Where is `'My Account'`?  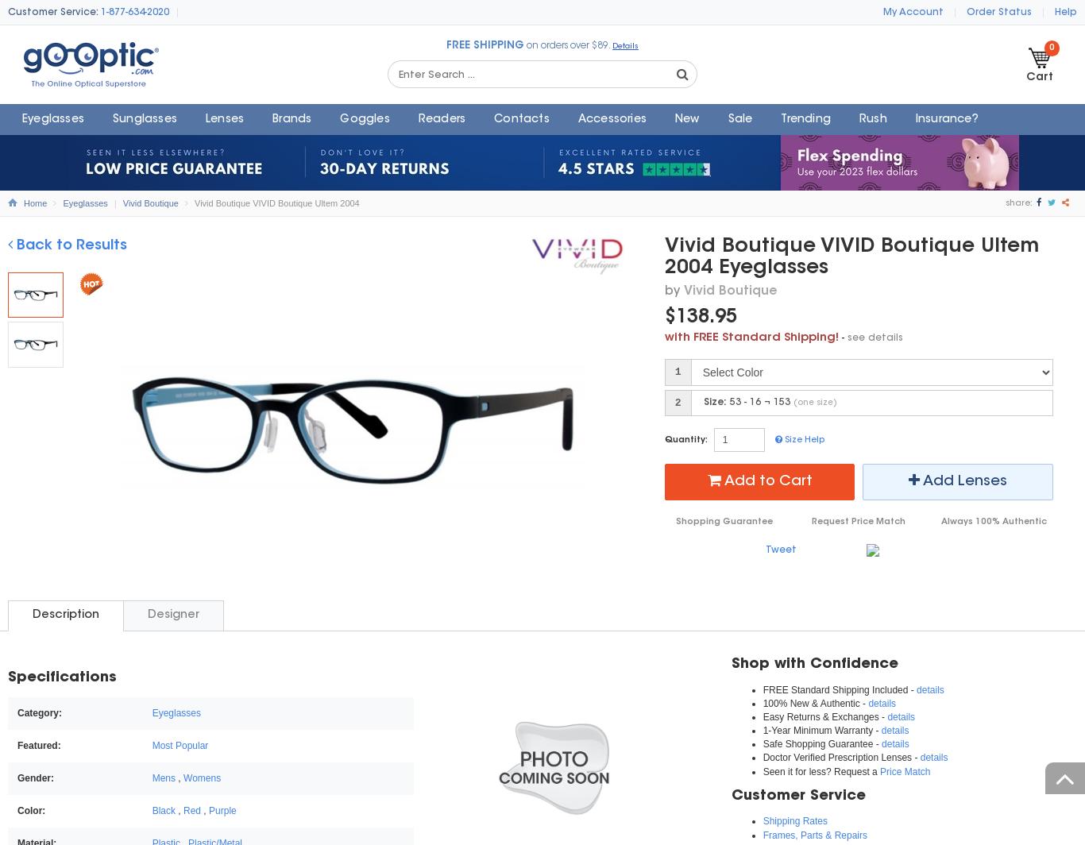 'My Account' is located at coordinates (913, 12).